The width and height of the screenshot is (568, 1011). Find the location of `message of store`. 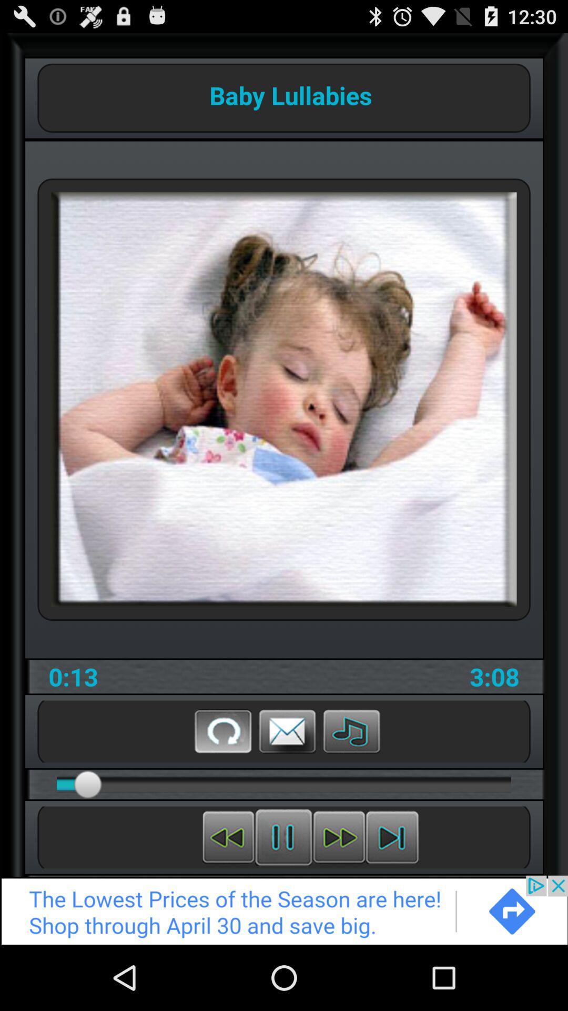

message of store is located at coordinates (287, 730).